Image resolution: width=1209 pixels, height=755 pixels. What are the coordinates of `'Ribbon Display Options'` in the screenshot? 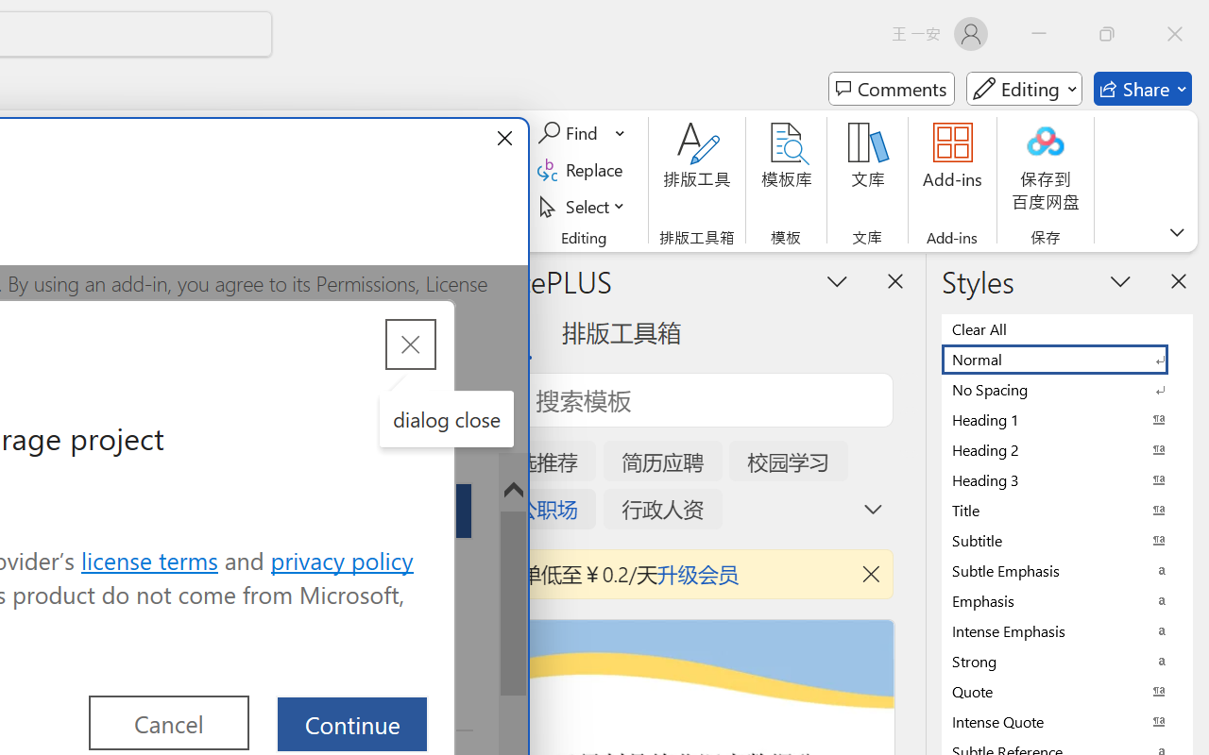 It's located at (1176, 231).